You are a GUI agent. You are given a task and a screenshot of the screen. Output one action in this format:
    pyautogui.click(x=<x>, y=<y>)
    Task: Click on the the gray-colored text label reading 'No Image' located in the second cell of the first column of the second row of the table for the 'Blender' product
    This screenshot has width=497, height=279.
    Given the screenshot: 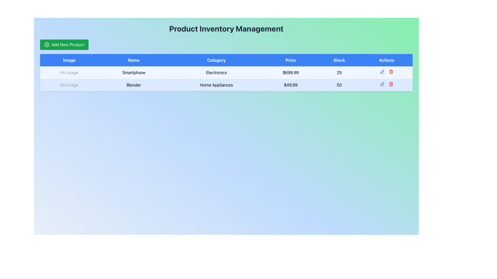 What is the action you would take?
    pyautogui.click(x=69, y=84)
    